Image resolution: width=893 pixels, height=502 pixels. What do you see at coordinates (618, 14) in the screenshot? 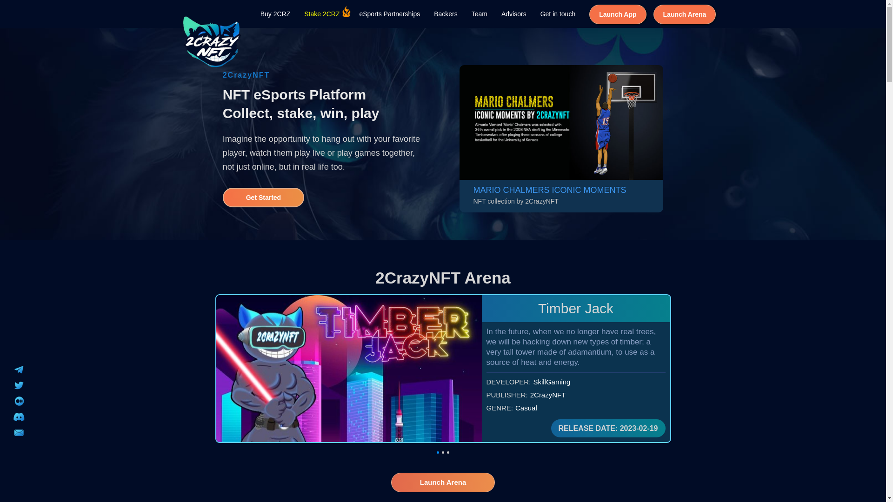
I see `'Launch App'` at bounding box center [618, 14].